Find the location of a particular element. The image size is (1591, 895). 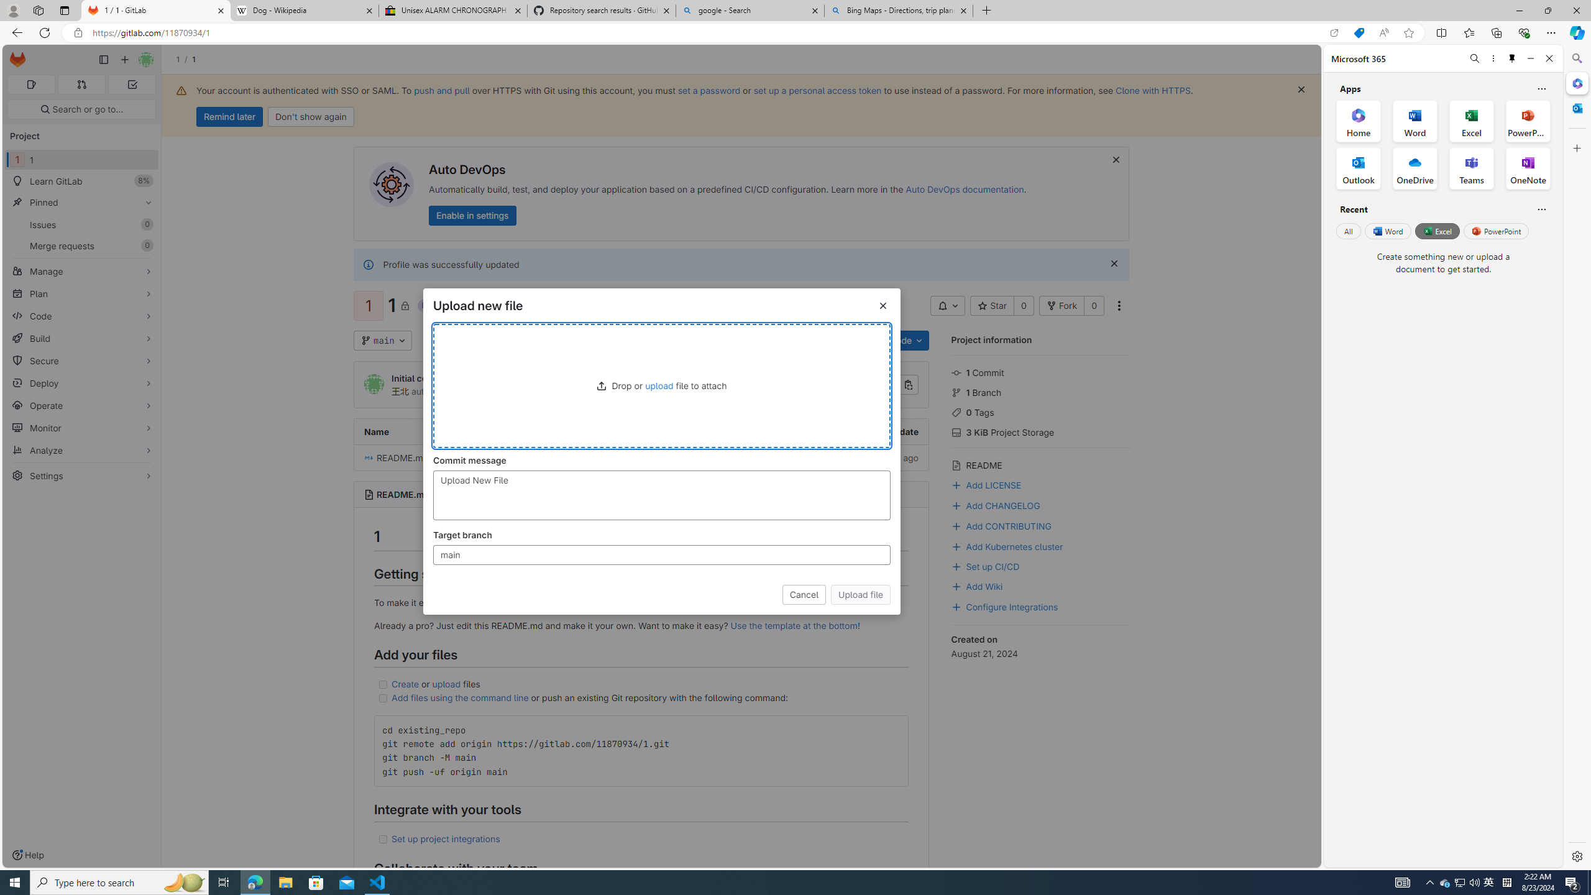

'Copy commit SHA' is located at coordinates (907, 384).